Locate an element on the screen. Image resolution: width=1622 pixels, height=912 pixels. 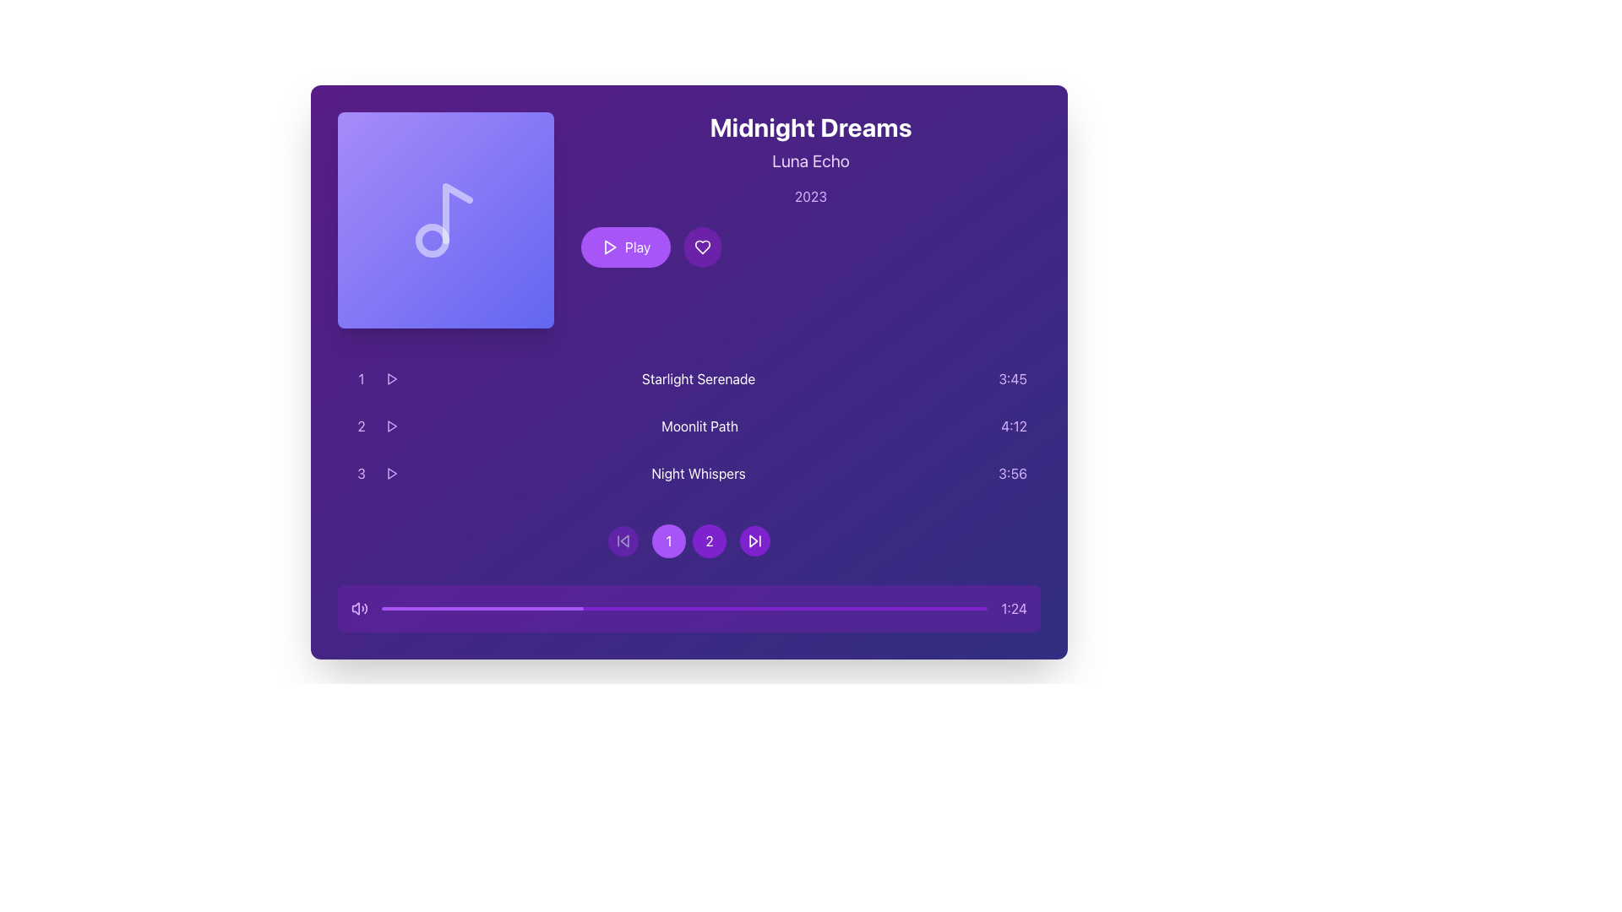
the Progress indicator which represents the current completion level of an ongoing task, located at the bottom of the interface is located at coordinates (482, 609).